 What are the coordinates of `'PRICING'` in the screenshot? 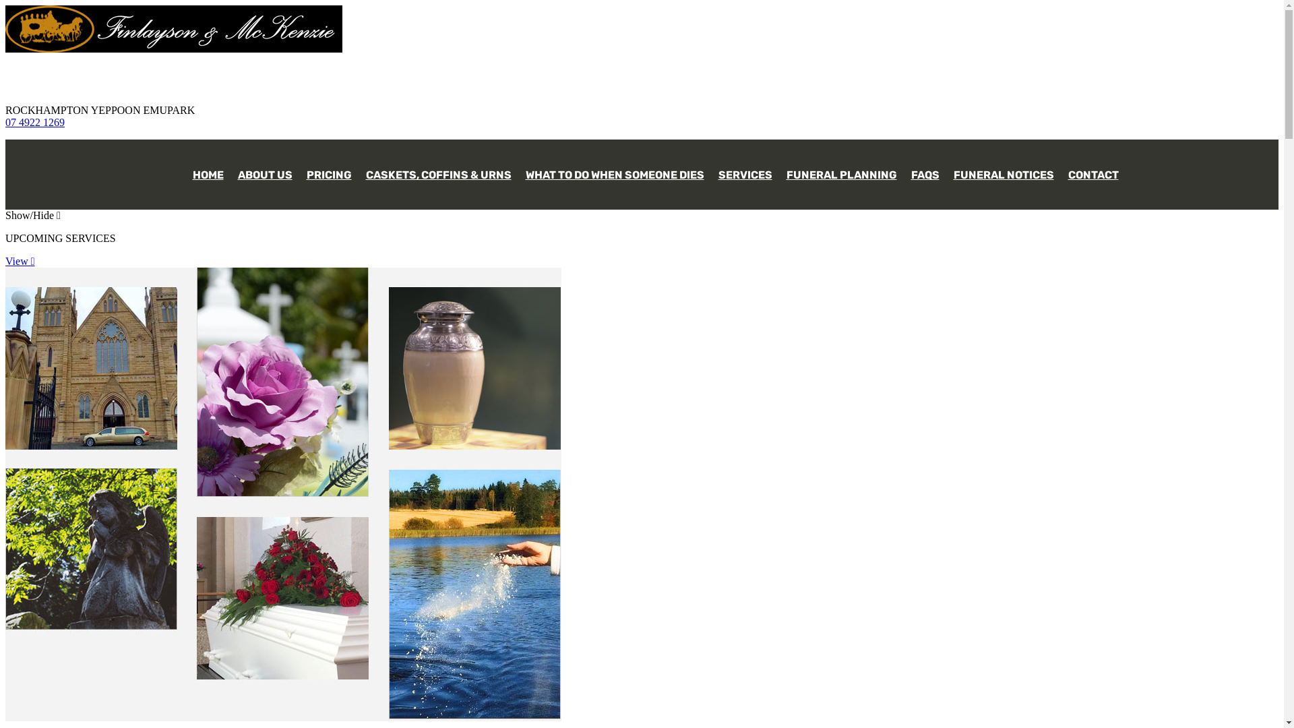 It's located at (329, 168).